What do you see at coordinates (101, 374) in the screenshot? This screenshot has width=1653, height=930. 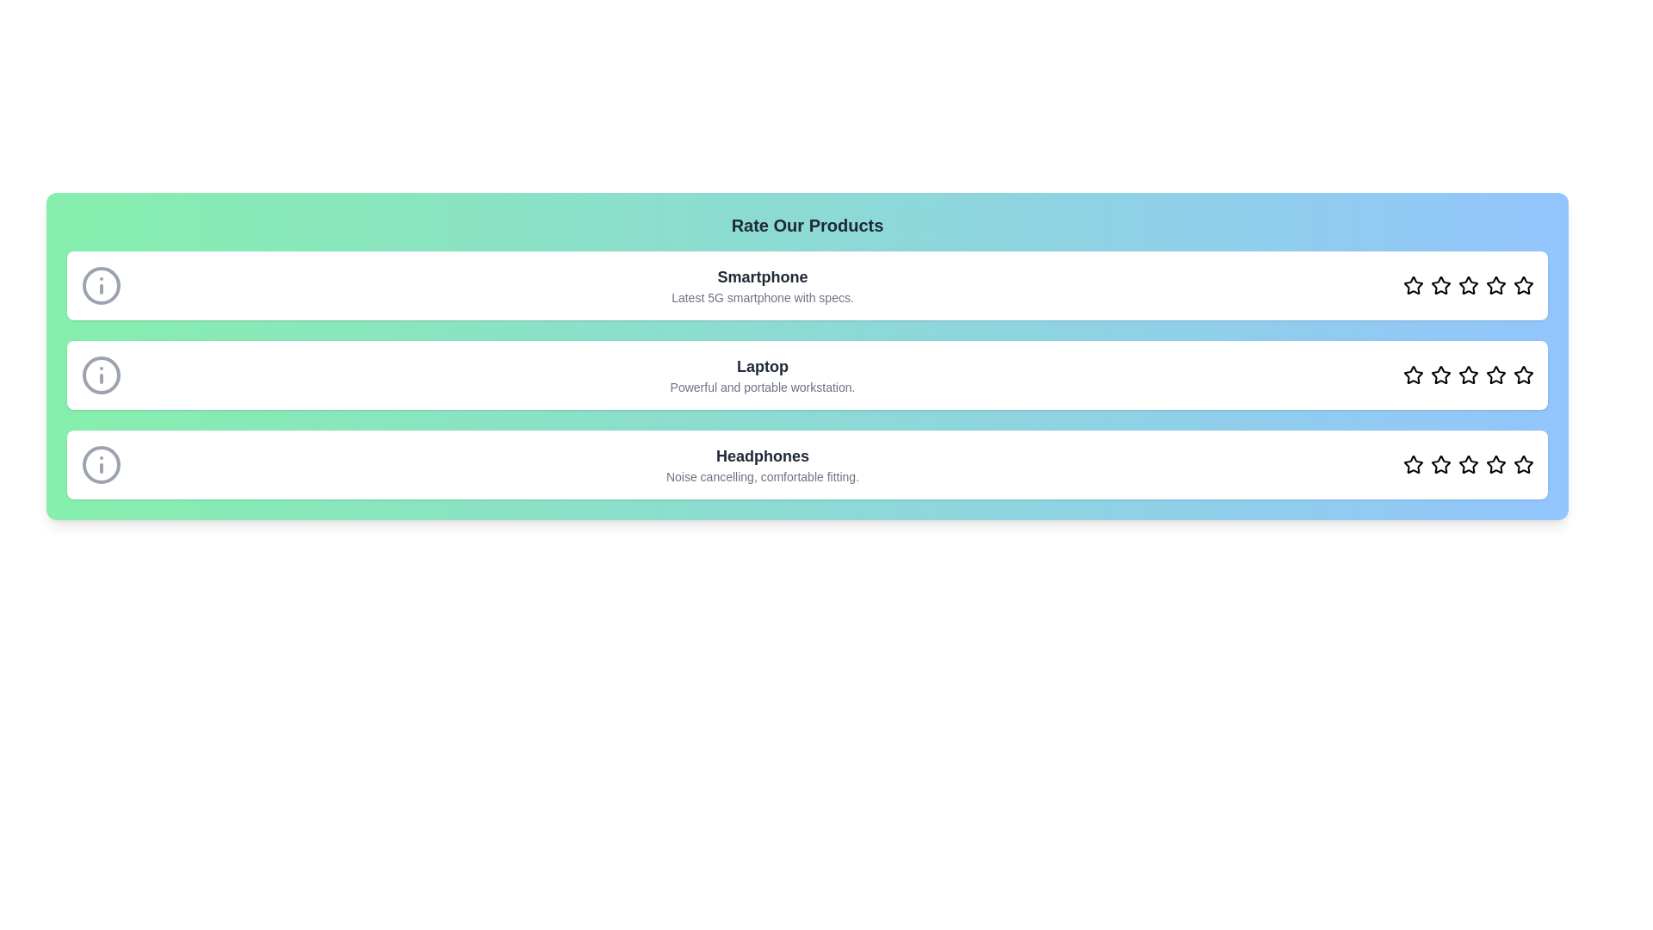 I see `the circular icon with an 'i' symbol in the center for accessibility purposes` at bounding box center [101, 374].